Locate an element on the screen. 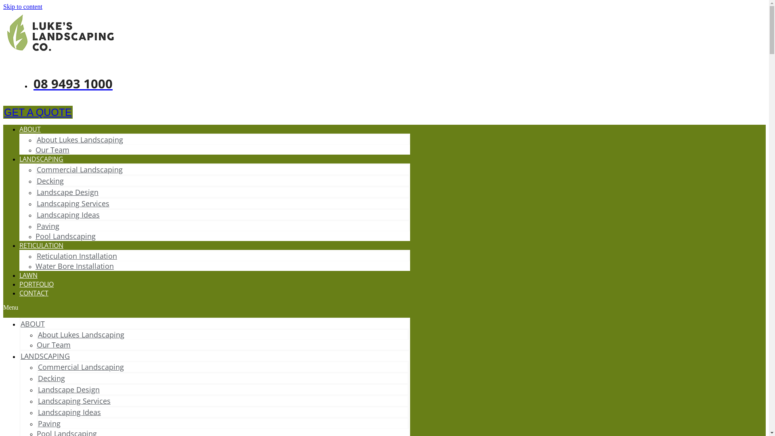  '08 9493 1000' is located at coordinates (72, 84).